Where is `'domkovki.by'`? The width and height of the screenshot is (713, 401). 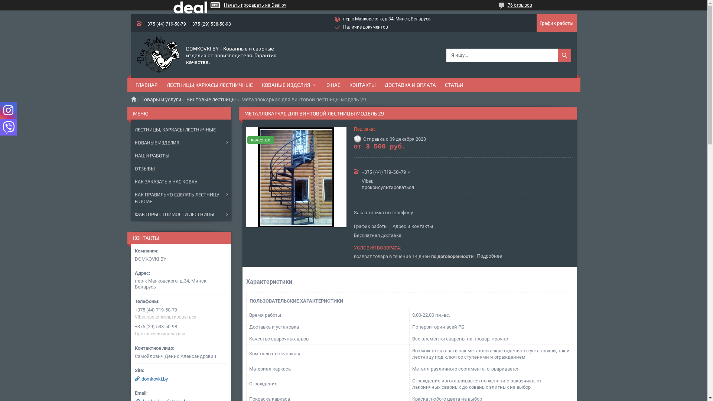
'domkovki.by' is located at coordinates (180, 379).